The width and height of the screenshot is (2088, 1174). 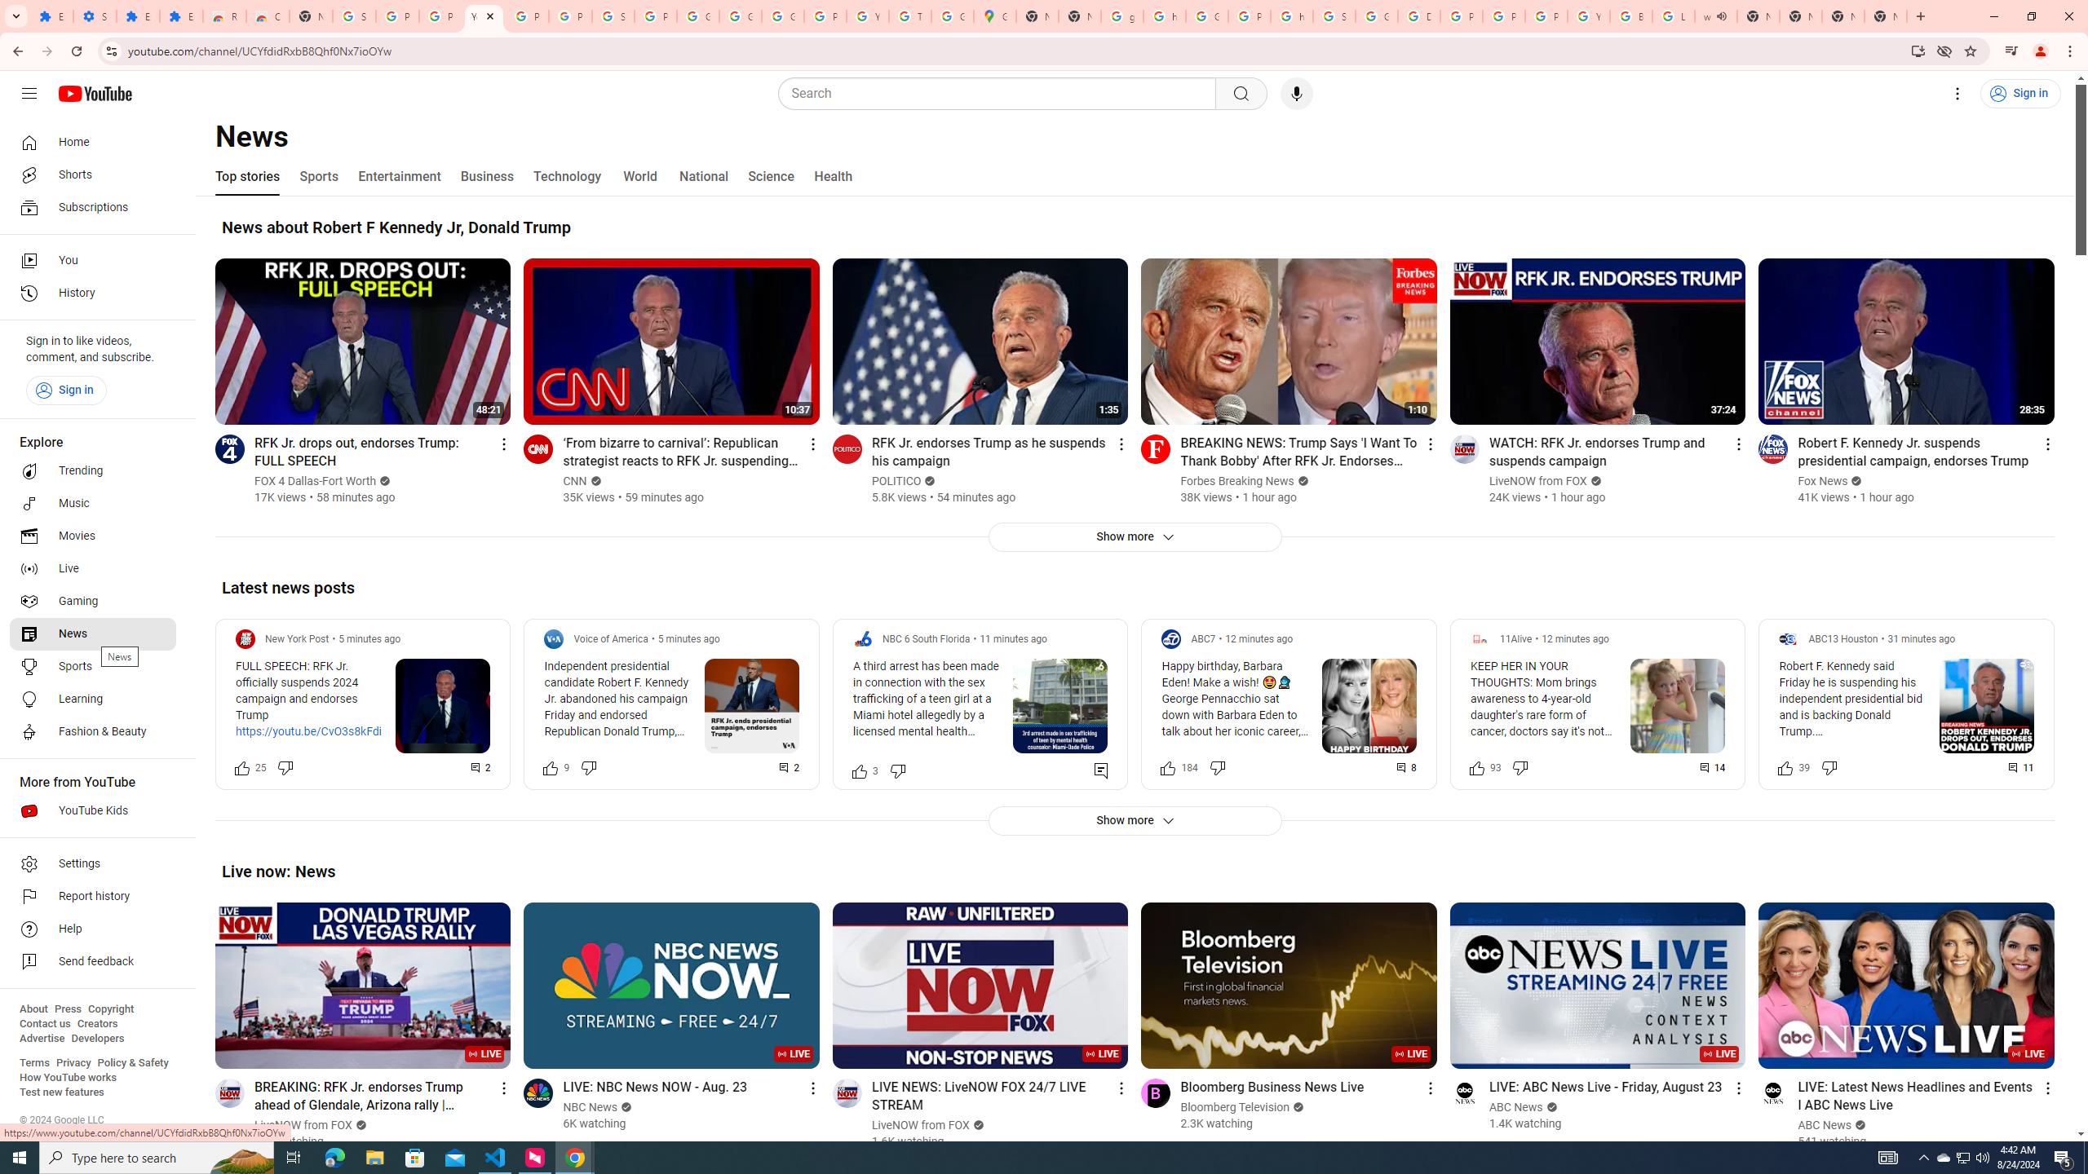 What do you see at coordinates (1842, 639) in the screenshot?
I see `'ABC13 Houston'` at bounding box center [1842, 639].